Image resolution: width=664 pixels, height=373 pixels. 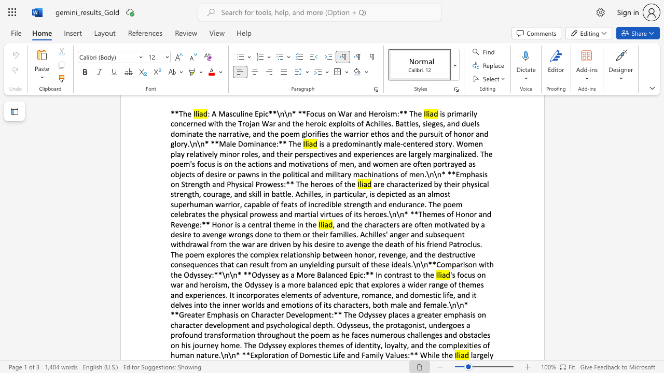 What do you see at coordinates (212, 324) in the screenshot?
I see `the subset text "velopment and psychological depth. Odysseus, the protagonist, undergoes a profound transformatio" within the text "'s focus on war and heroism, the Odyssey is a more balanced epic that explores a wider range of themes and experiences. It incorporates elements of adventure, romance, and domestic life, and it delves into the inner worlds and emotions of its characters, both male and female.\n\n* **Greater Emphasis on Character Development:** The Odyssey places a greater emphasis on character development and psychological depth. Odysseus, the protagonist, undergoes a profound transformation throughout the poem as he faces numerous challenges and obstacles on his journey home. The Odyssey explores themes of identity, loyalty, and the complexities of human nature.\n\n* **Exploration of Domestic Life and Family Values:** While the"` at bounding box center [212, 324].